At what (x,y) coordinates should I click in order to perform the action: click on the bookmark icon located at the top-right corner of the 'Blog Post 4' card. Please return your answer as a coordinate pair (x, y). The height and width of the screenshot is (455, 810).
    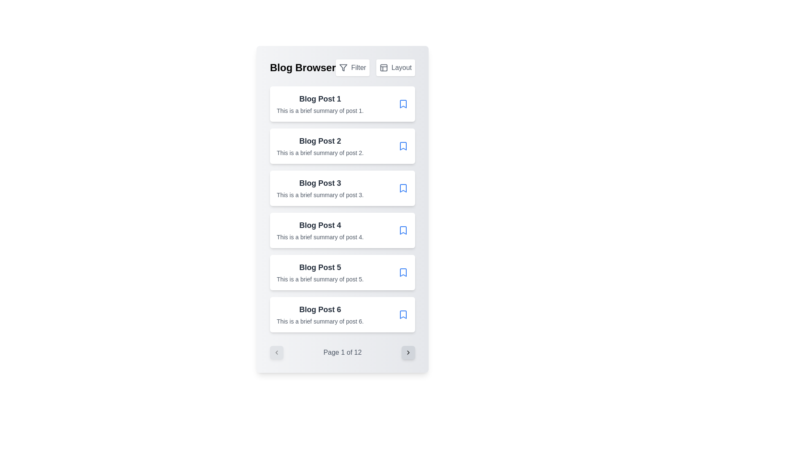
    Looking at the image, I should click on (402, 230).